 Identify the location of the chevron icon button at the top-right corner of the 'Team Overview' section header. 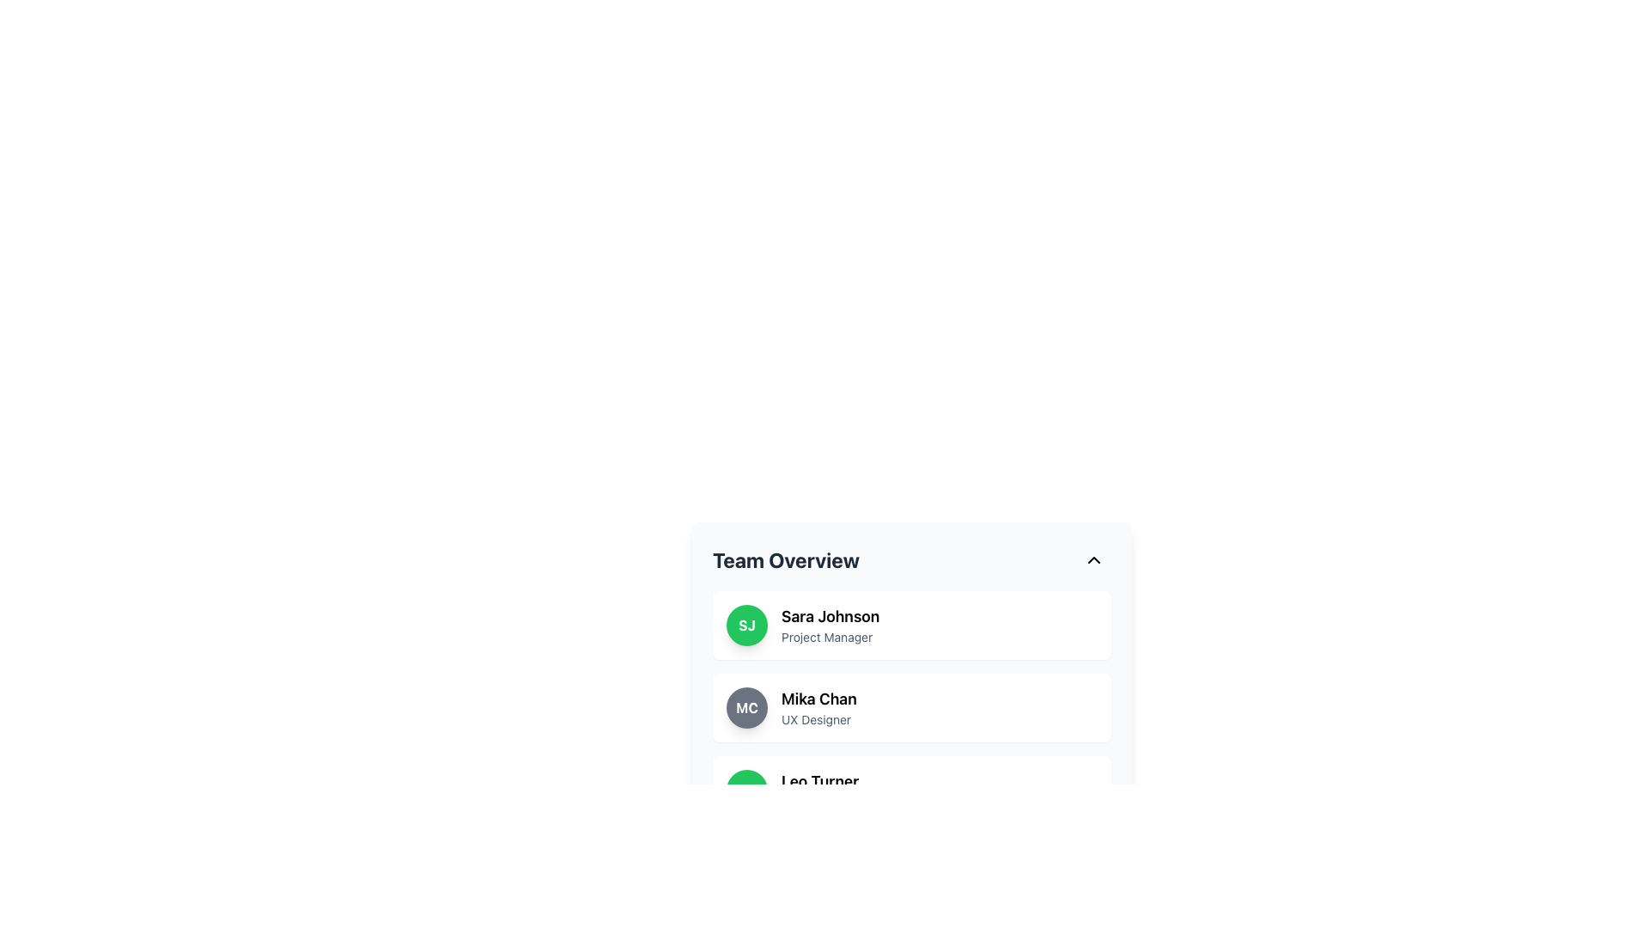
(1092, 559).